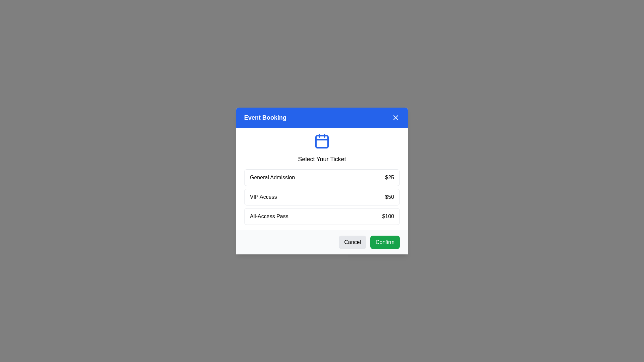 This screenshot has height=362, width=644. I want to click on the decorative visual component that is a rectangular shape with rounded corners, located centrally within the calendar icon in the header of the dialog box, so click(322, 141).